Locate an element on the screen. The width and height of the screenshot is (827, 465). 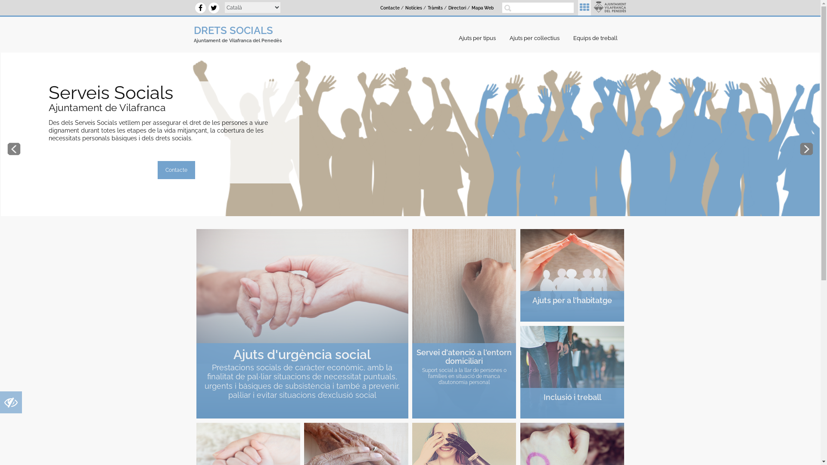
'Contacte' is located at coordinates (176, 170).